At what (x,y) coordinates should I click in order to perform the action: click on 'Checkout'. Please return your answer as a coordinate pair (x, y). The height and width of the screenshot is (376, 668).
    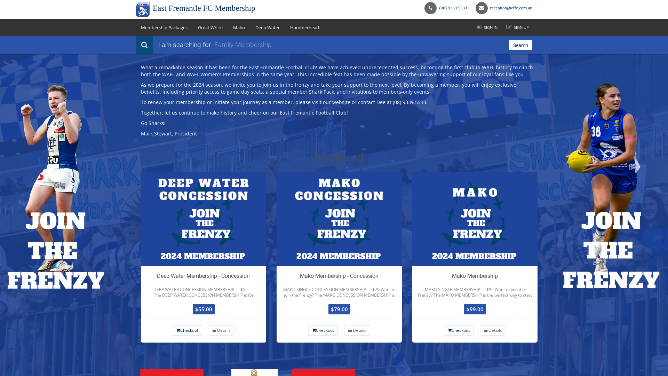
    Looking at the image, I should click on (323, 330).